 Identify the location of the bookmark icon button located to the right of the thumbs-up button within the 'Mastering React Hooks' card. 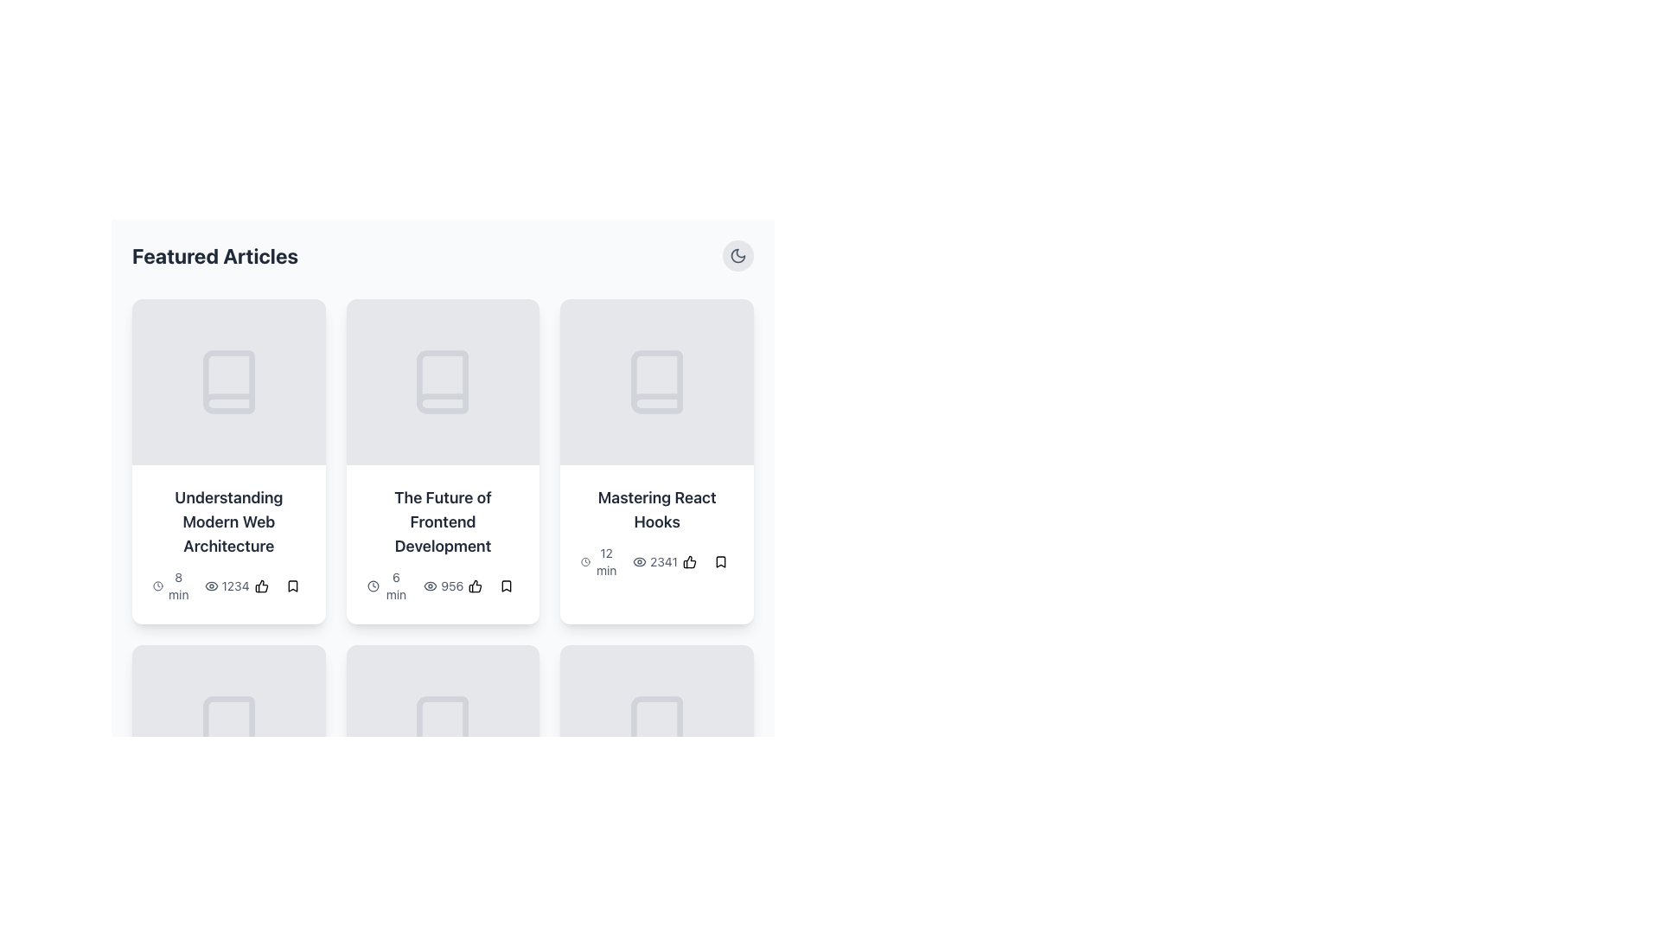
(721, 562).